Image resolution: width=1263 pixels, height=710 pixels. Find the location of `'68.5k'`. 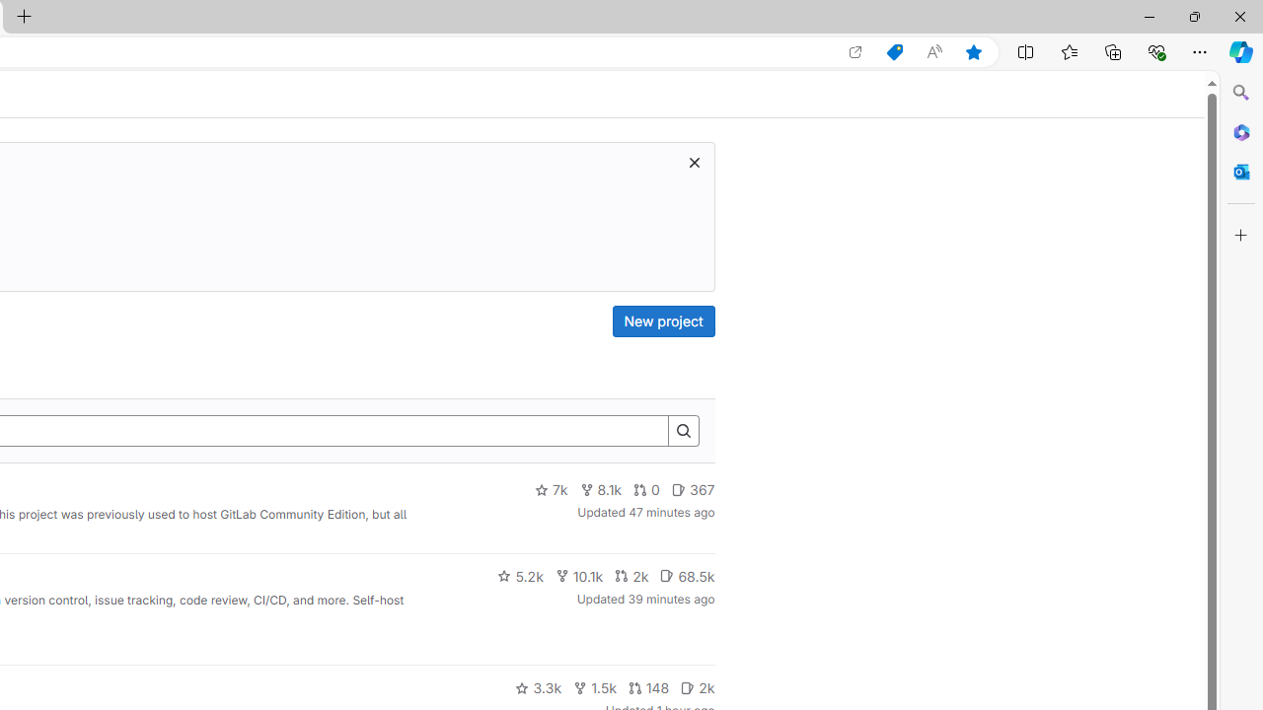

'68.5k' is located at coordinates (687, 575).